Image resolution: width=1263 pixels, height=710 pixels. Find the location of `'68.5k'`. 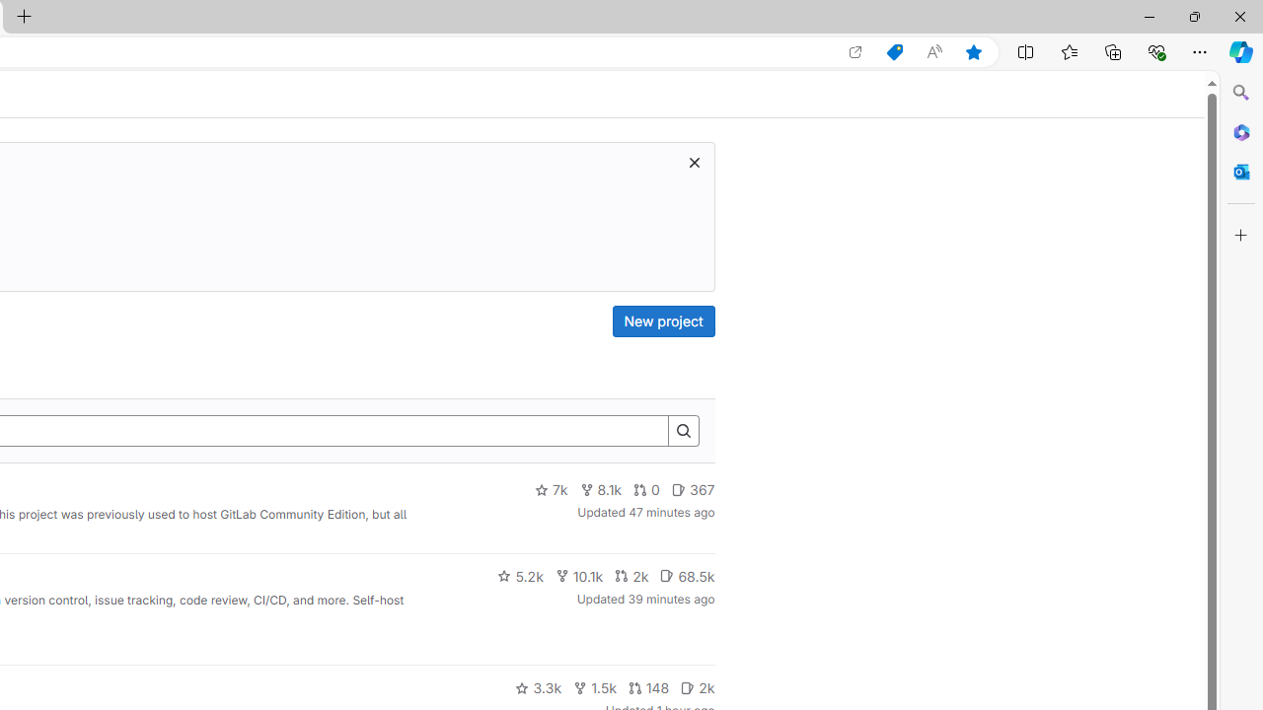

'68.5k' is located at coordinates (687, 575).